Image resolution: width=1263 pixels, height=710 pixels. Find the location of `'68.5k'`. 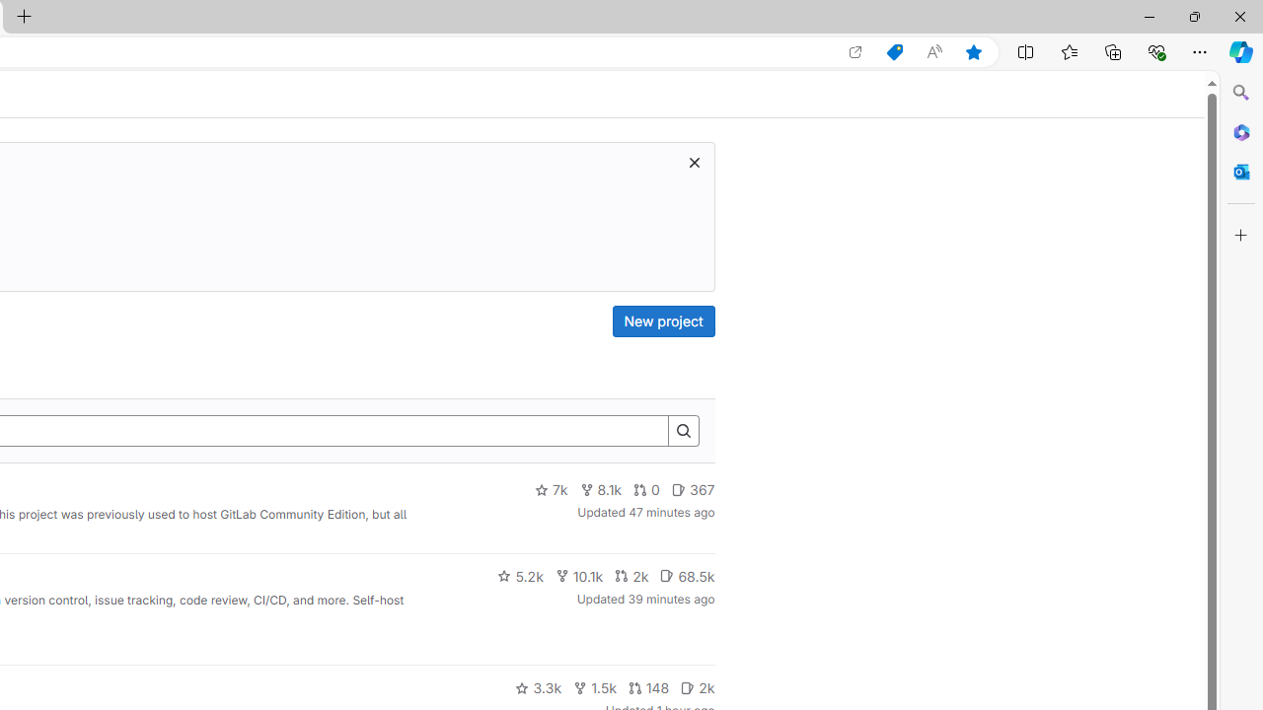

'68.5k' is located at coordinates (687, 575).